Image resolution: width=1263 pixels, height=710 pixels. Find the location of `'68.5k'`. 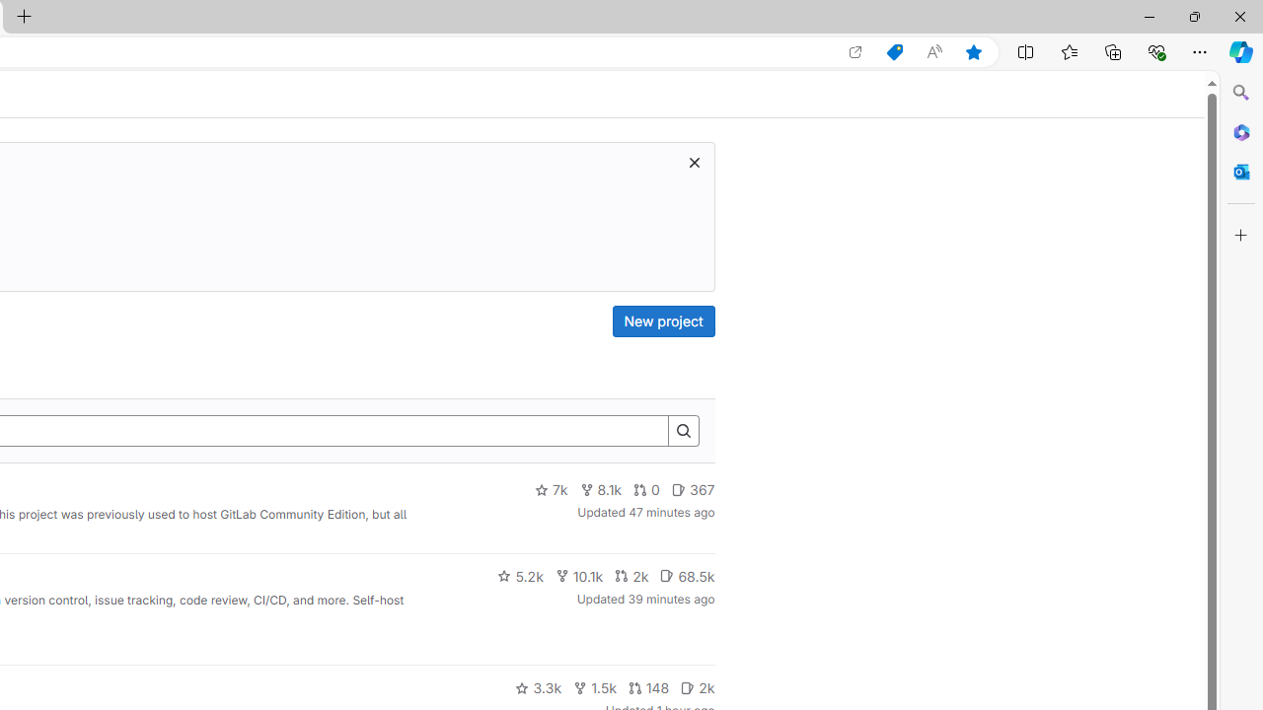

'68.5k' is located at coordinates (687, 575).